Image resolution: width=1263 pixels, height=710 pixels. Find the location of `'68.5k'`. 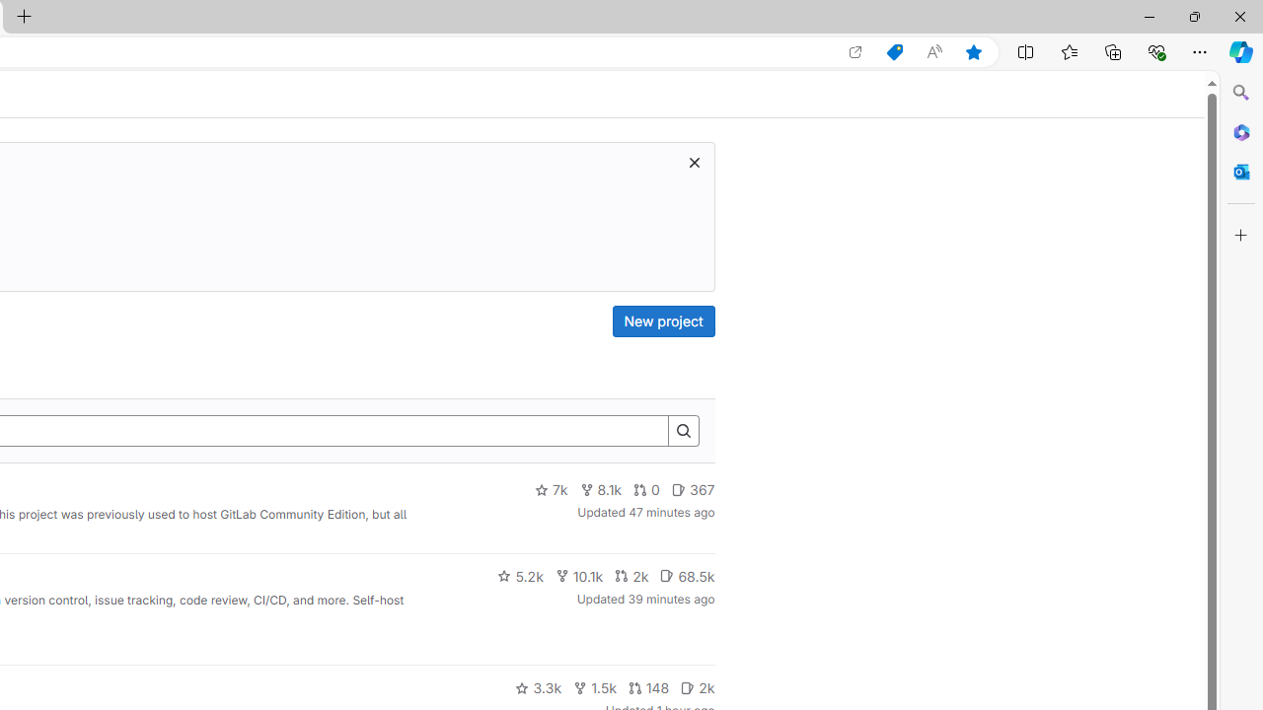

'68.5k' is located at coordinates (687, 575).